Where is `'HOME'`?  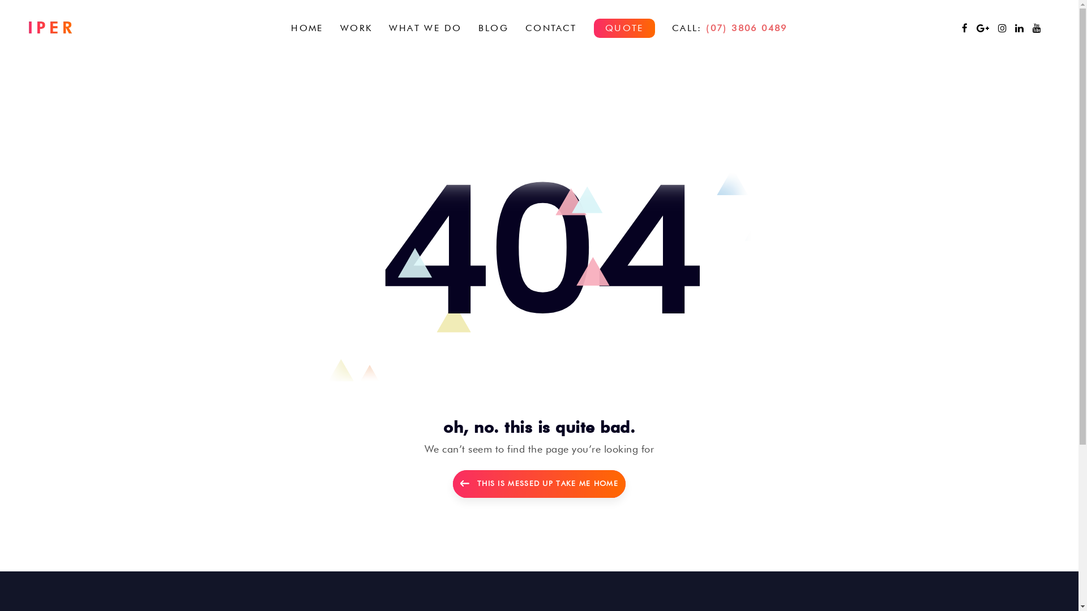
'HOME' is located at coordinates (307, 27).